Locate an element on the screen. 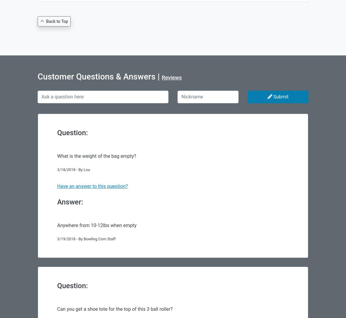 Image resolution: width=346 pixels, height=318 pixels. 'Back to Top' is located at coordinates (45, 21).